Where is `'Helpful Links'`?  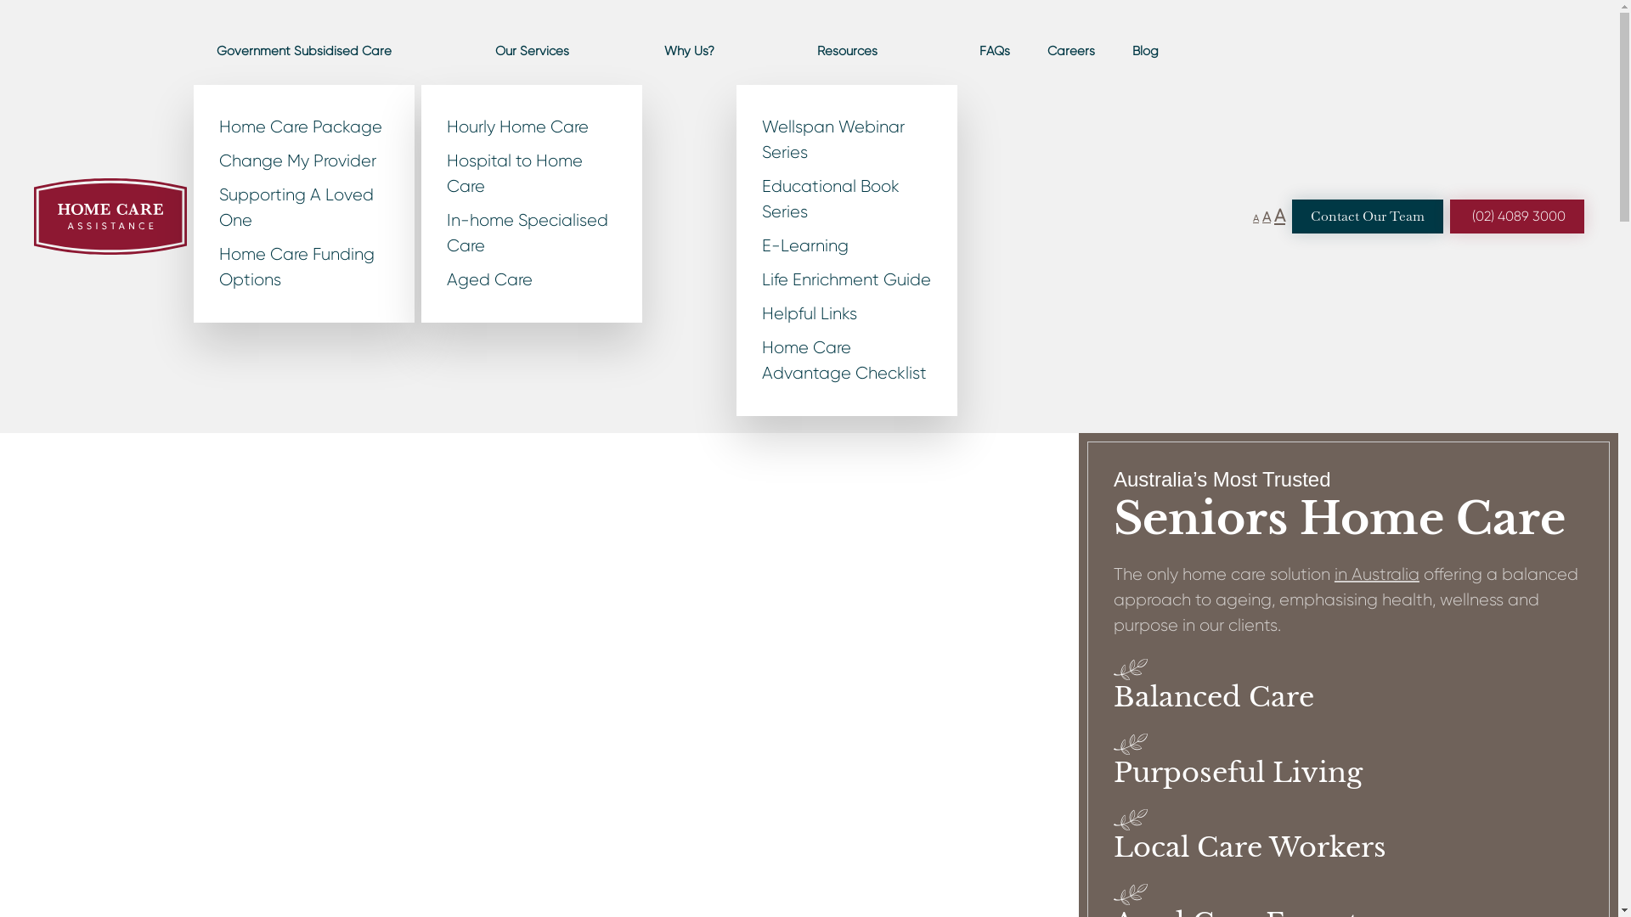 'Helpful Links' is located at coordinates (847, 314).